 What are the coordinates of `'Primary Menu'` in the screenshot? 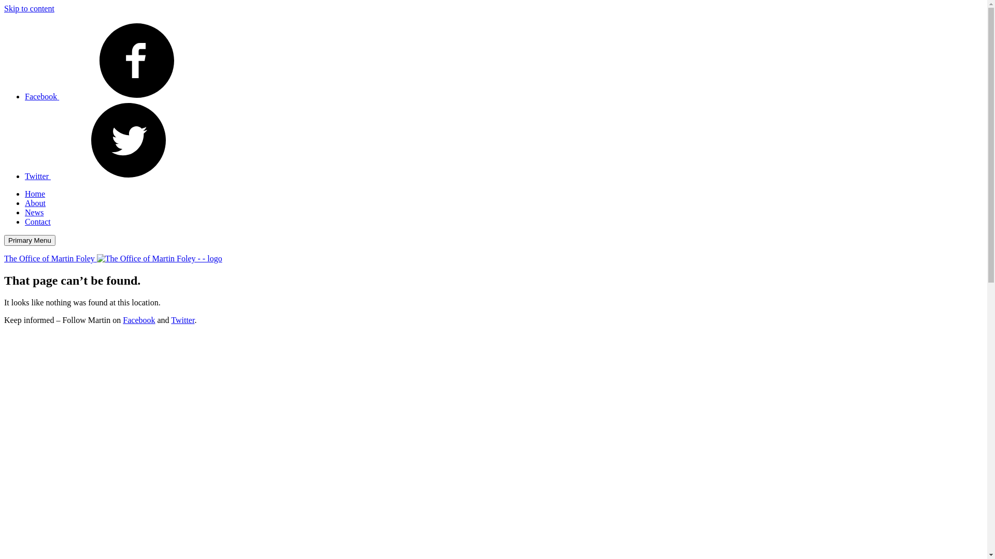 It's located at (30, 240).